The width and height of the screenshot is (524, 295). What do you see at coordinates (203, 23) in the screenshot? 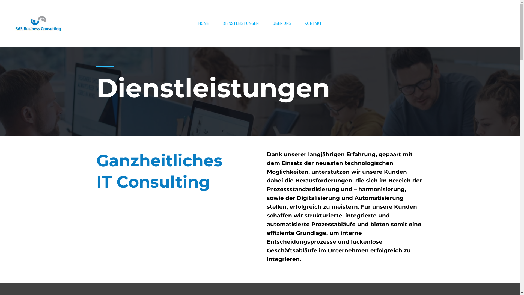
I see `'HOME'` at bounding box center [203, 23].